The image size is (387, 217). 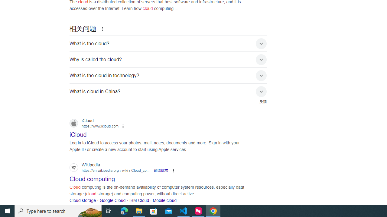 What do you see at coordinates (112, 200) in the screenshot?
I see `'Google Cloud'` at bounding box center [112, 200].